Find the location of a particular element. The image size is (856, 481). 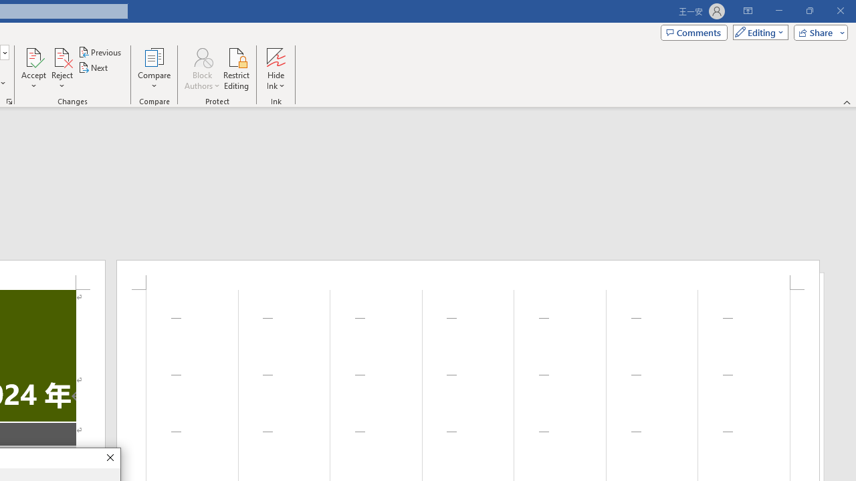

'Hide Ink' is located at coordinates (275, 69).